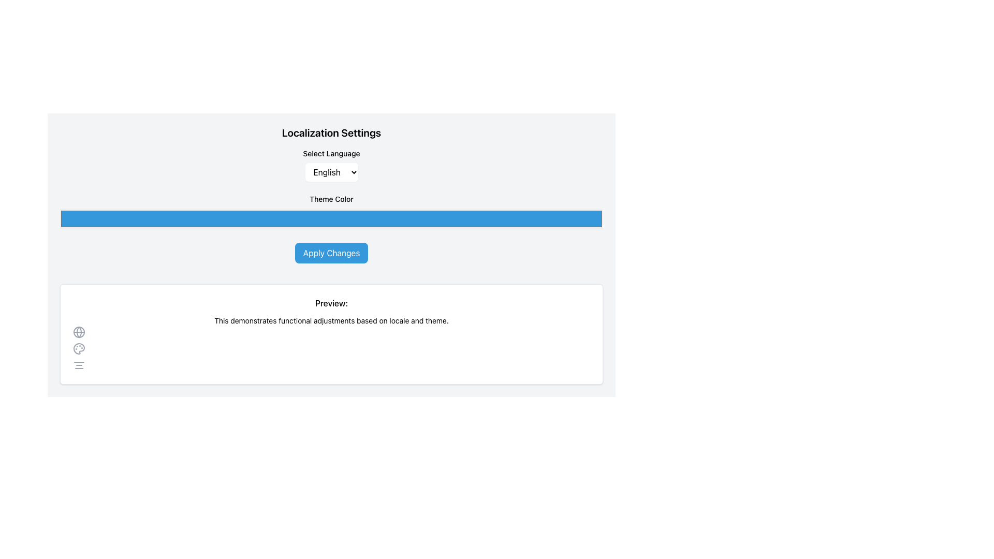 The image size is (994, 559). Describe the element at coordinates (331, 303) in the screenshot. I see `the text label indicating the start of a preview section, which is positioned at the top of a white pane and centered above the descriptive text` at that location.